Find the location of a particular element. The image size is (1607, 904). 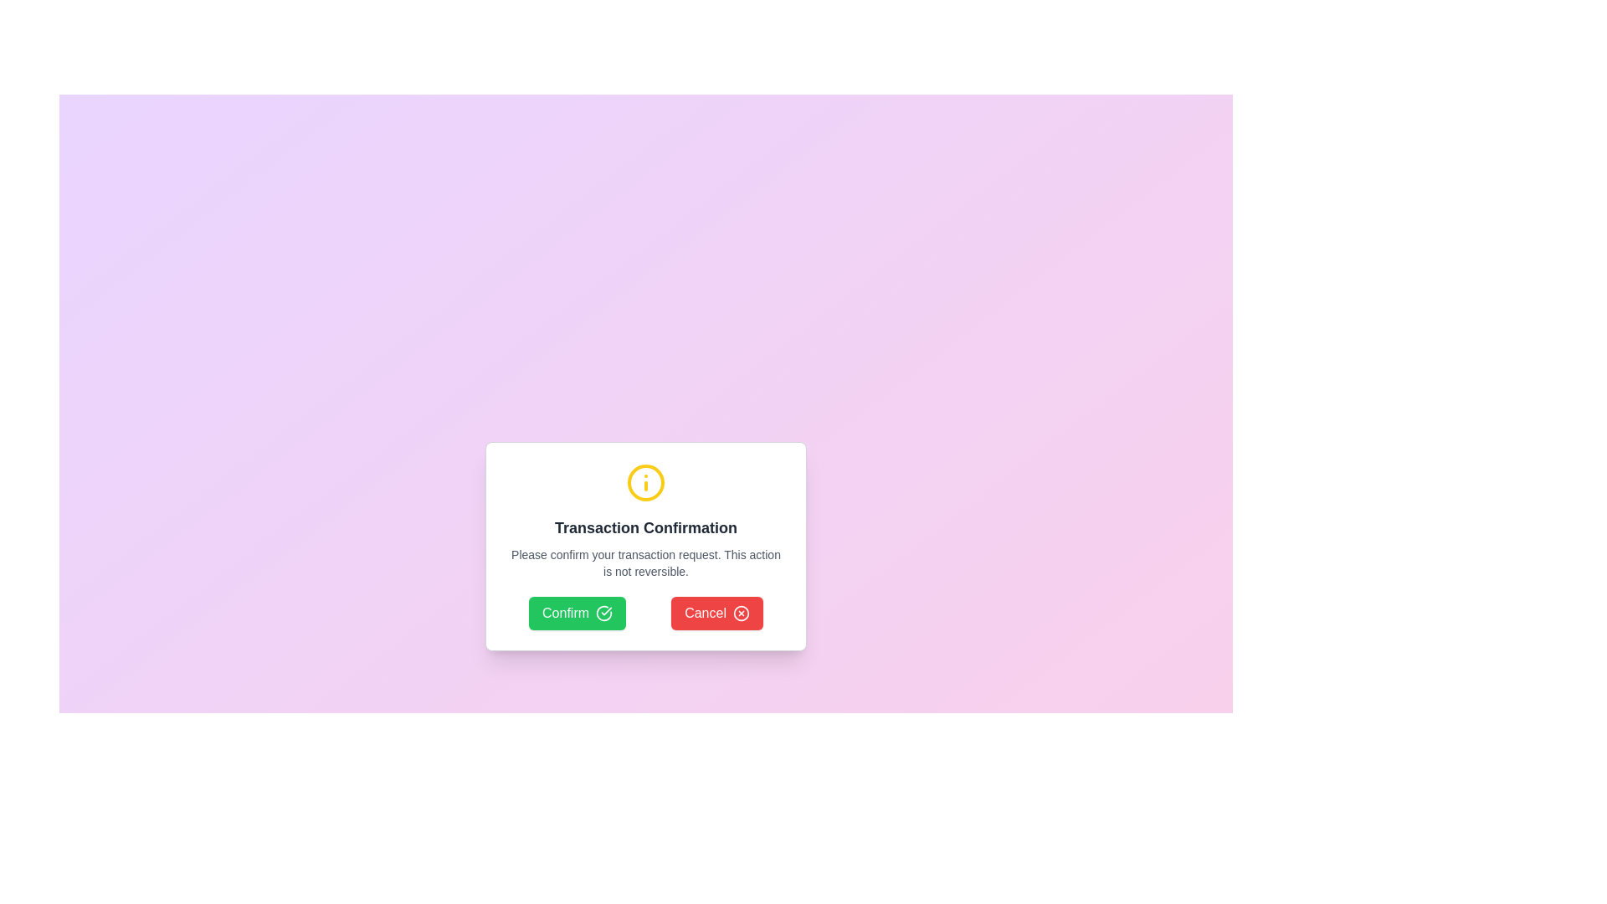

the 'Confirm' button is located at coordinates (578, 613).